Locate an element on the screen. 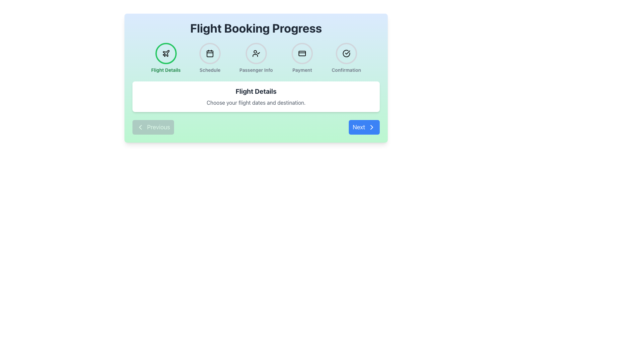 Image resolution: width=639 pixels, height=359 pixels. SVG checkmark element that signifies the completion of the 'Confirmation' step in the progress tracker is located at coordinates (347, 52).